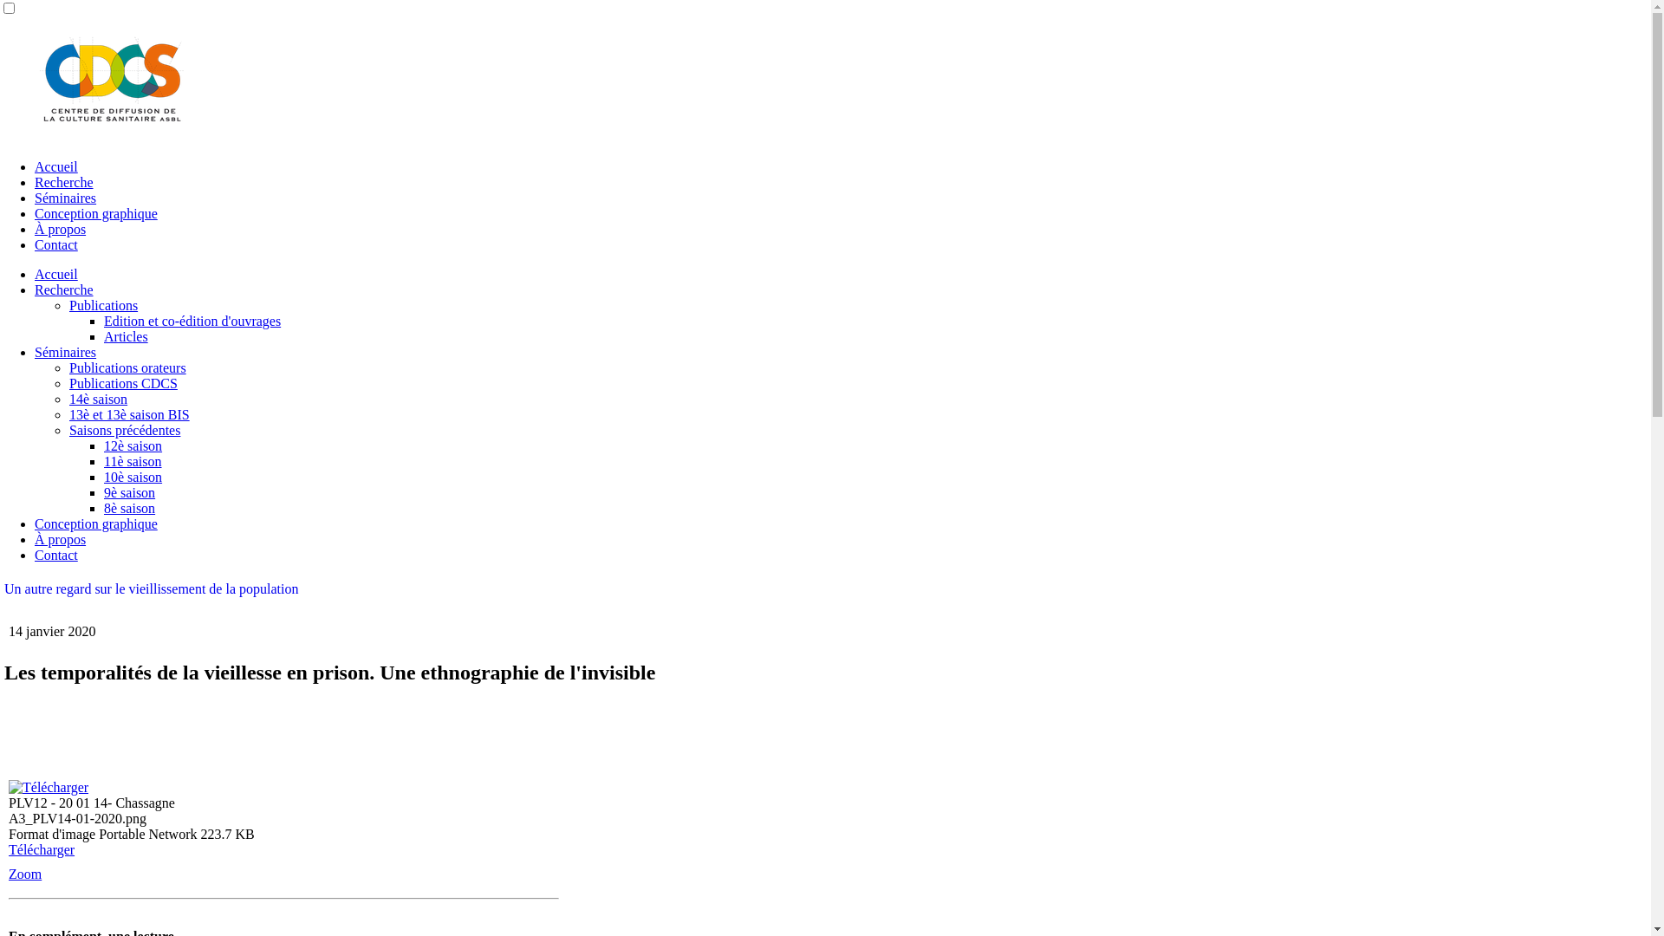 This screenshot has height=936, width=1664. What do you see at coordinates (34, 244) in the screenshot?
I see `'Contact'` at bounding box center [34, 244].